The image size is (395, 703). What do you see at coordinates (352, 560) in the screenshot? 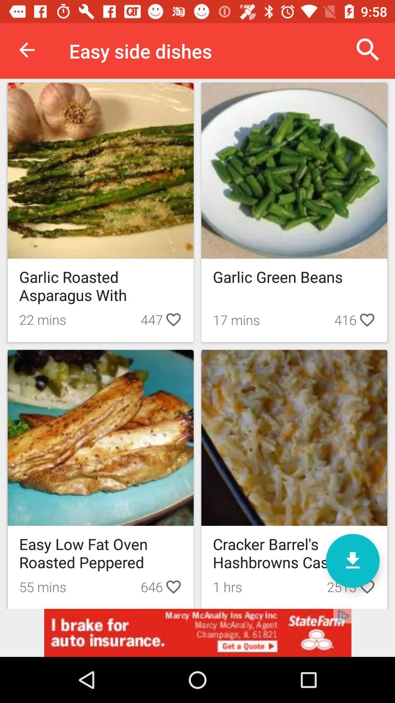
I see `download recipe` at bounding box center [352, 560].